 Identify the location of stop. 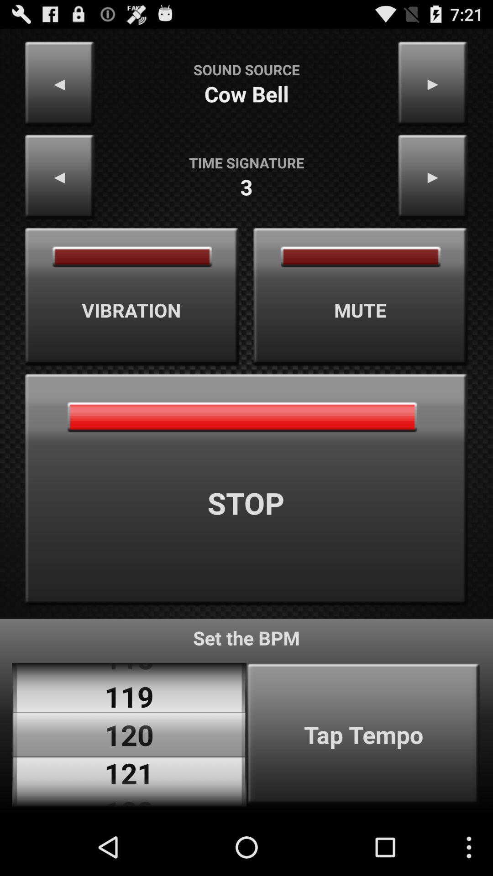
(246, 489).